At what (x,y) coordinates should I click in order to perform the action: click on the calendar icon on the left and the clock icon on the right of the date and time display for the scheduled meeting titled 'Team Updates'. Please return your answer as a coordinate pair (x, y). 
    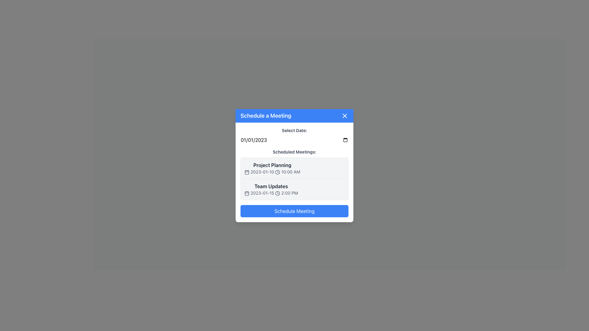
    Looking at the image, I should click on (271, 192).